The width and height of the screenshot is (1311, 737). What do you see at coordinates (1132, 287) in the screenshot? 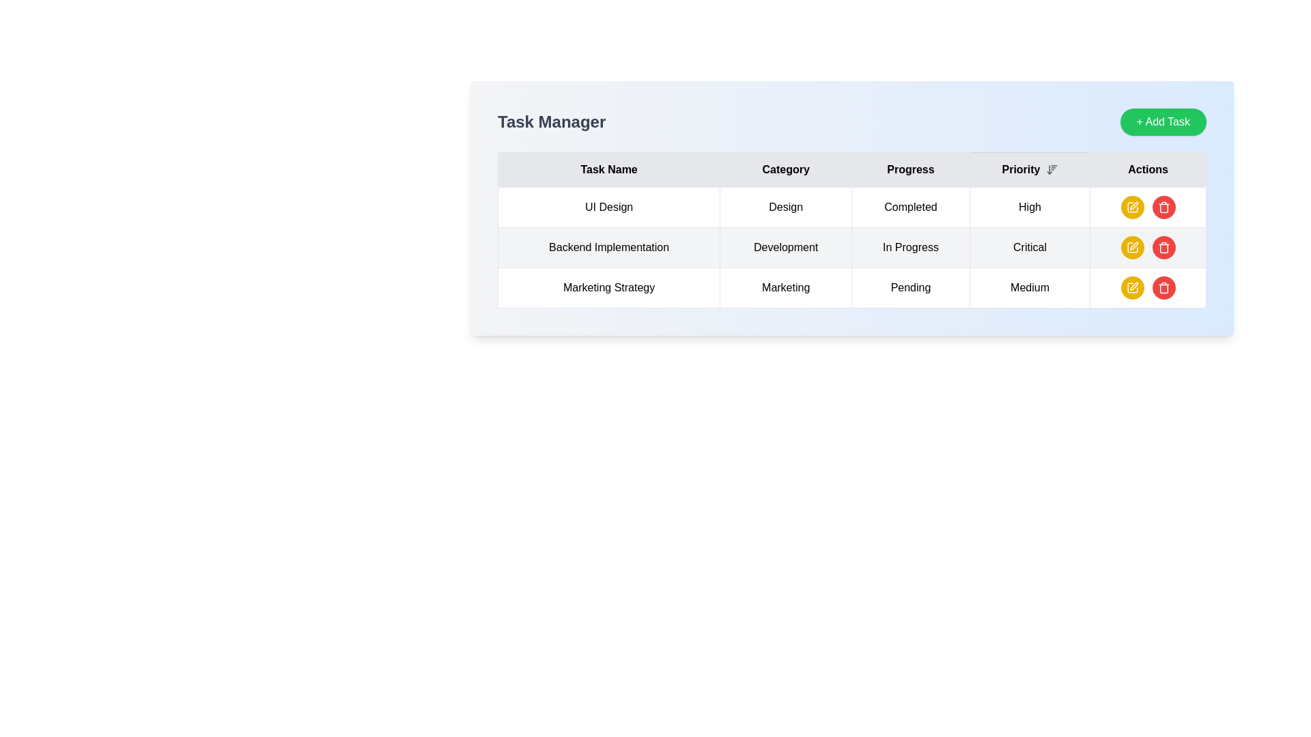
I see `the yellow pen icon button located in the 'Actions' column for the 'Marketing Strategy' task to initiate editing` at bounding box center [1132, 287].